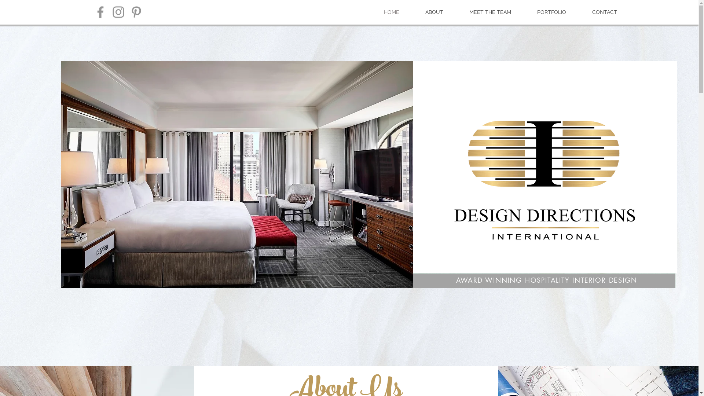 The image size is (704, 396). I want to click on 'ABOUT', so click(434, 12).